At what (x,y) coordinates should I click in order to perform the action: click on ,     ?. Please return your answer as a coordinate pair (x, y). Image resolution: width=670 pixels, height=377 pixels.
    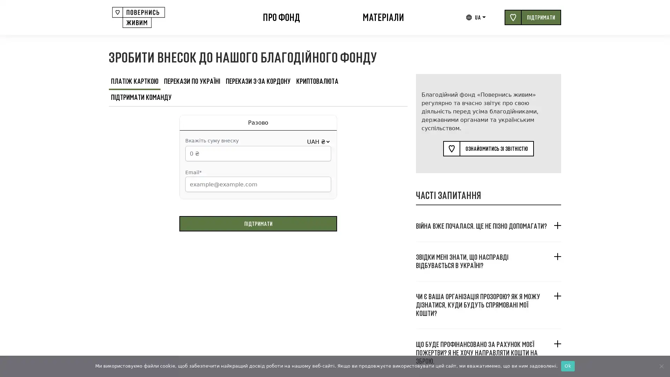
    Looking at the image, I should click on (488, 261).